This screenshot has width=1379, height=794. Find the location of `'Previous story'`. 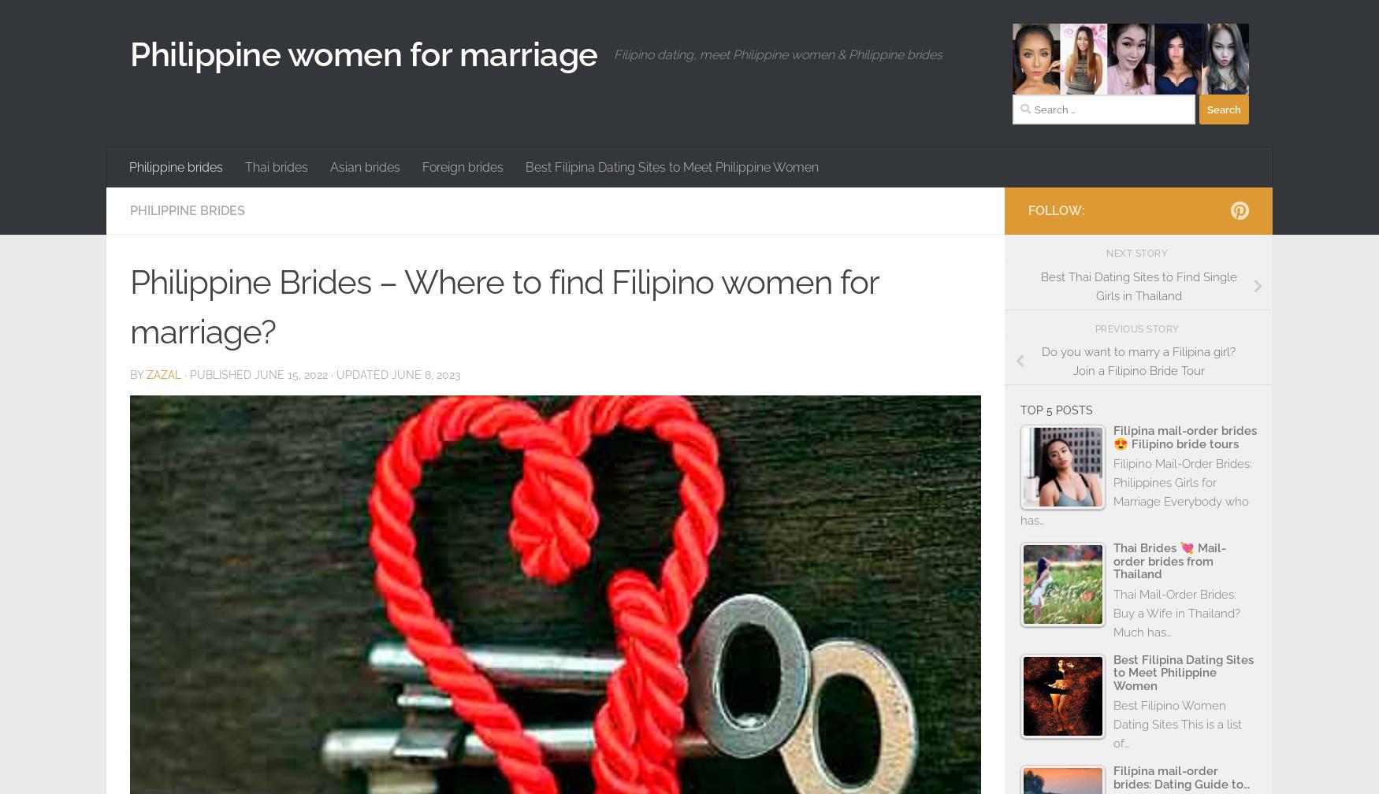

'Previous story' is located at coordinates (1138, 328).